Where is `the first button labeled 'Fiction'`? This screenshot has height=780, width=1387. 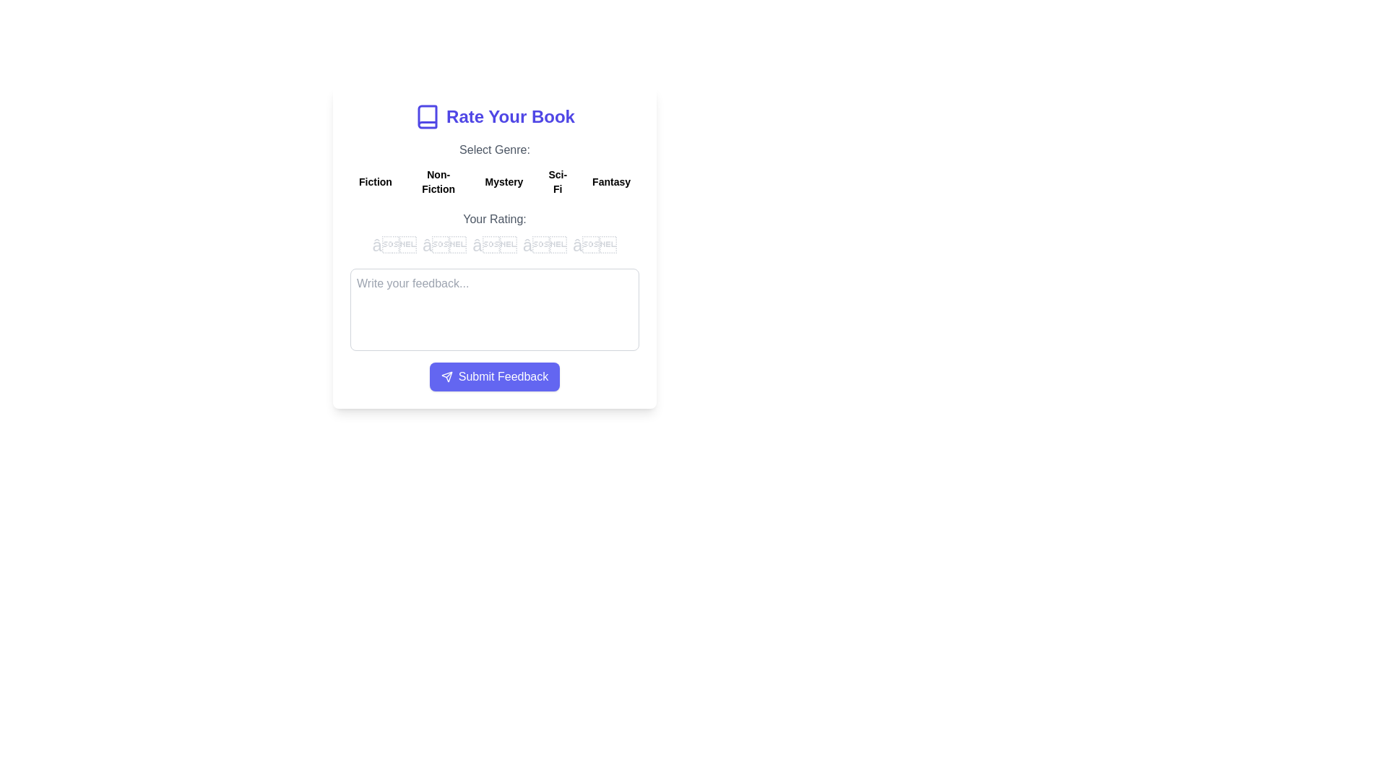 the first button labeled 'Fiction' is located at coordinates (375, 181).